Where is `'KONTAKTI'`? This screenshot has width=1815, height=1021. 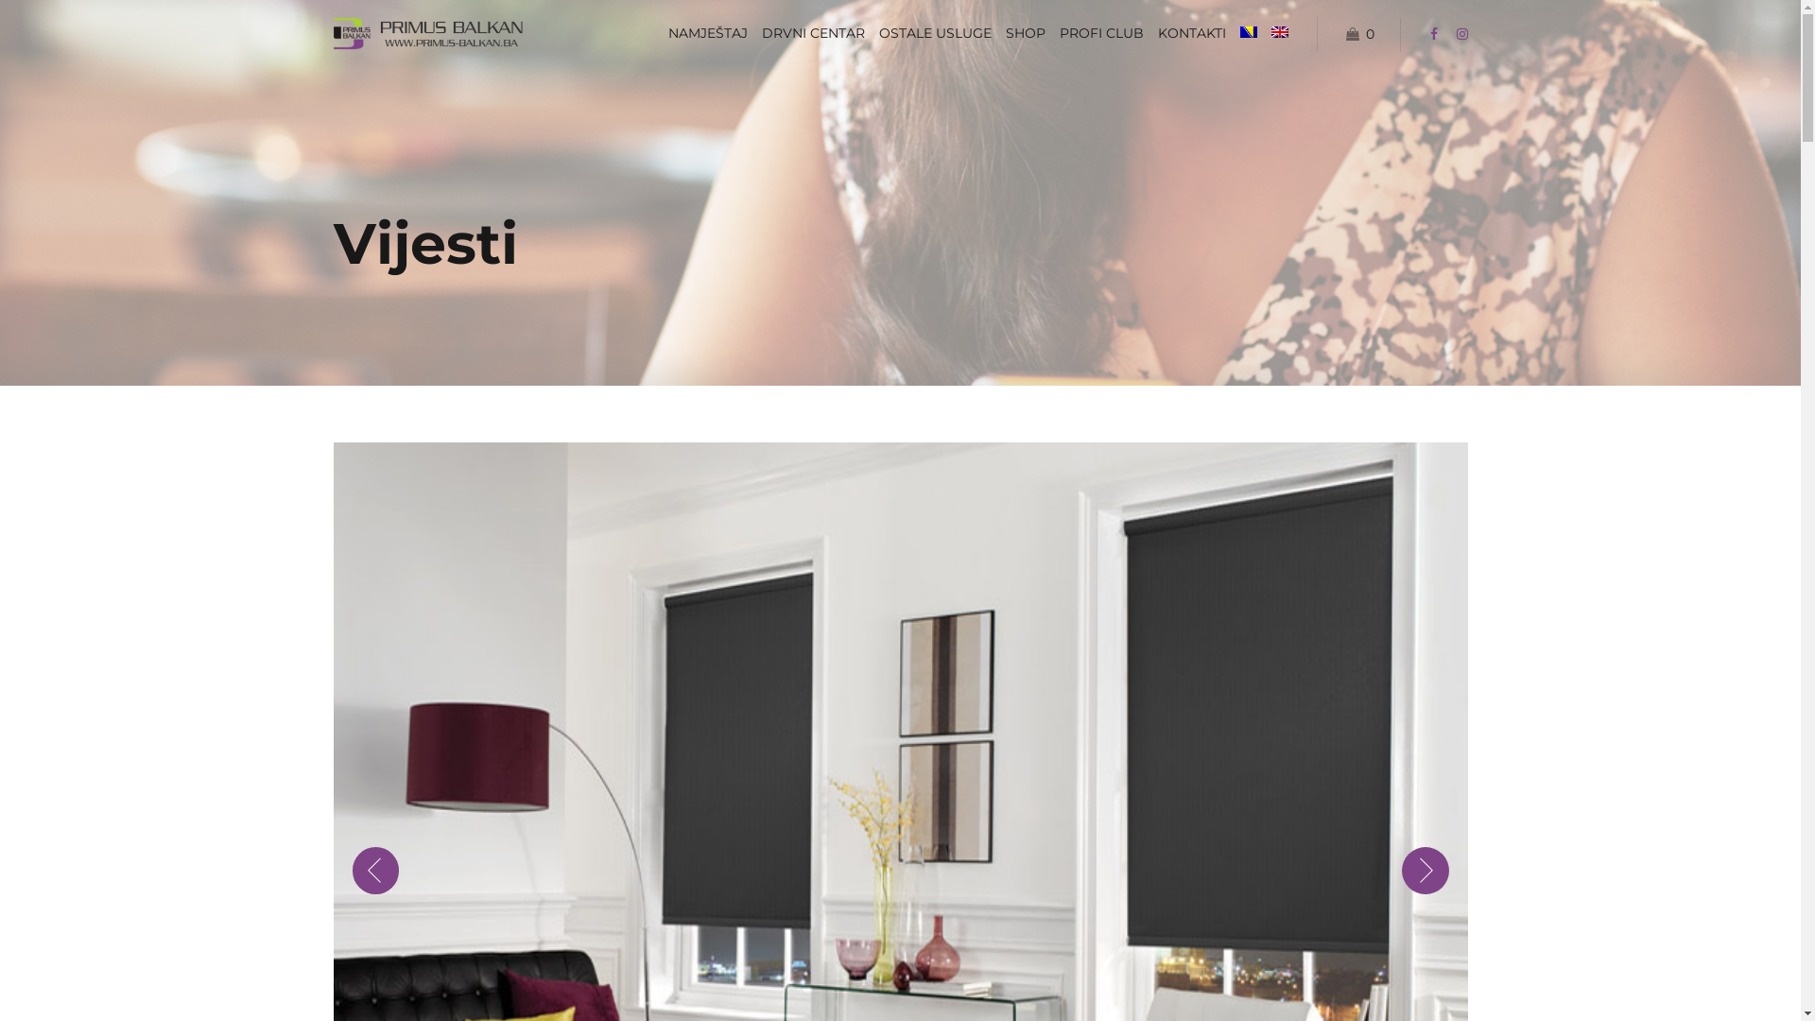 'KONTAKTI' is located at coordinates (1156, 32).